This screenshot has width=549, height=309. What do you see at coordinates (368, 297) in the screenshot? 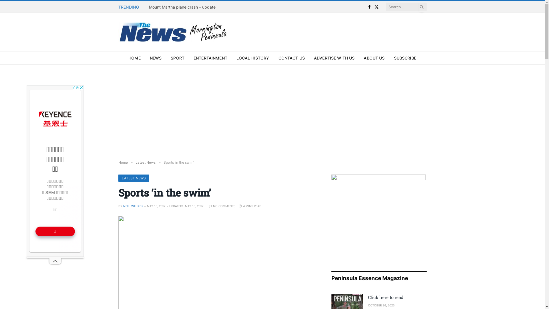
I see `'Click here to read'` at bounding box center [368, 297].